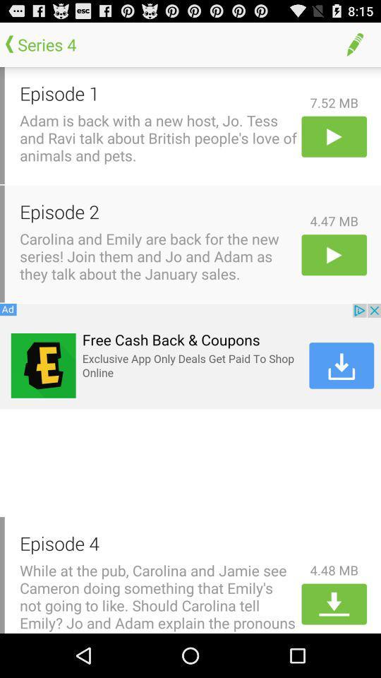 The width and height of the screenshot is (381, 678). I want to click on download episode 4, so click(333, 603).